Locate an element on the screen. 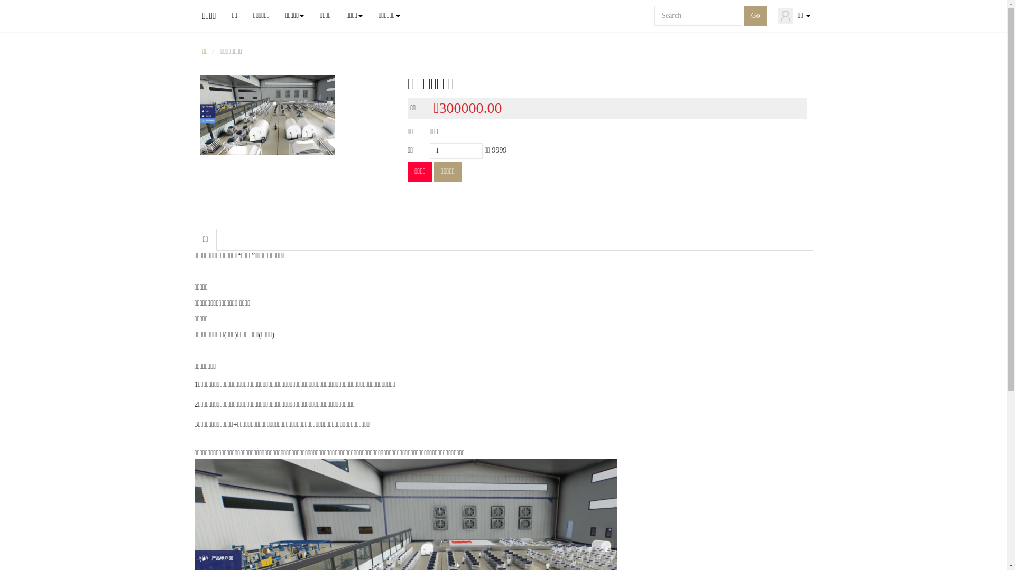 The image size is (1015, 570). 'Go' is located at coordinates (755, 16).